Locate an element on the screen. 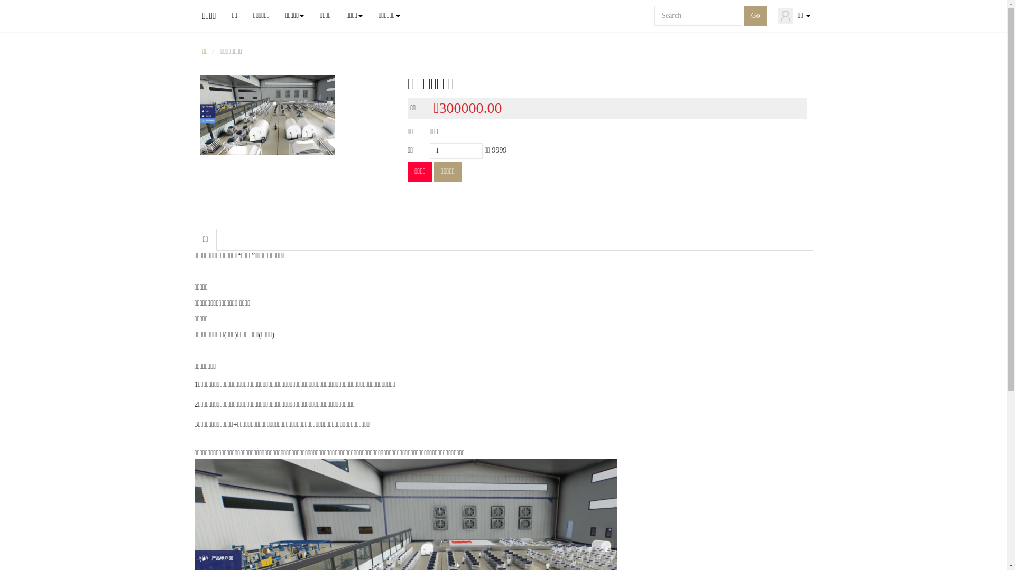 The image size is (1015, 570). 'Go' is located at coordinates (755, 16).